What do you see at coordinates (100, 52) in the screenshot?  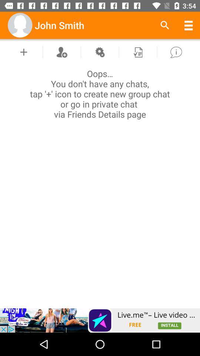 I see `open settings` at bounding box center [100, 52].